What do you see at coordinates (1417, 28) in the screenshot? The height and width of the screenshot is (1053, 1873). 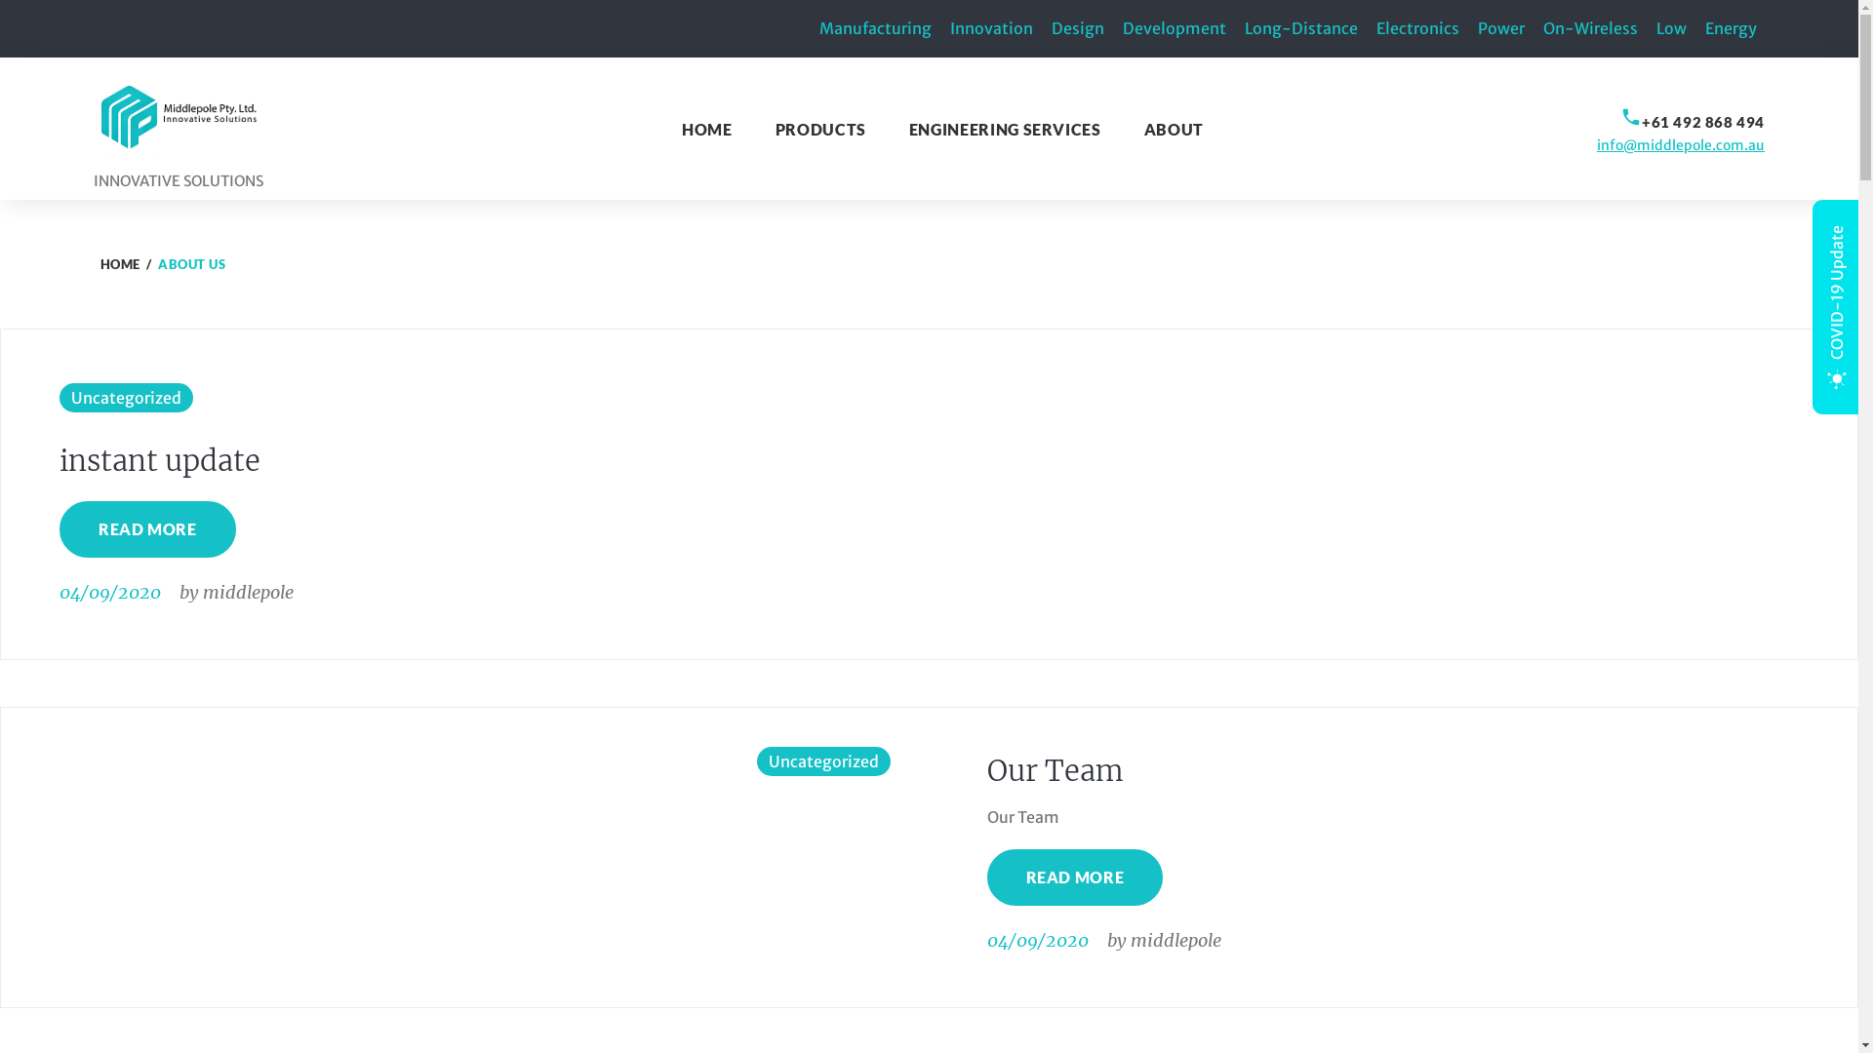 I see `'Electronics'` at bounding box center [1417, 28].